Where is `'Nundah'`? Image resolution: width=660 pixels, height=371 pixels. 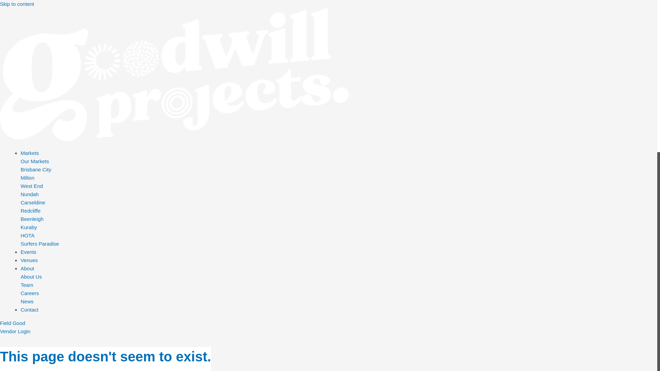
'Nundah' is located at coordinates (29, 194).